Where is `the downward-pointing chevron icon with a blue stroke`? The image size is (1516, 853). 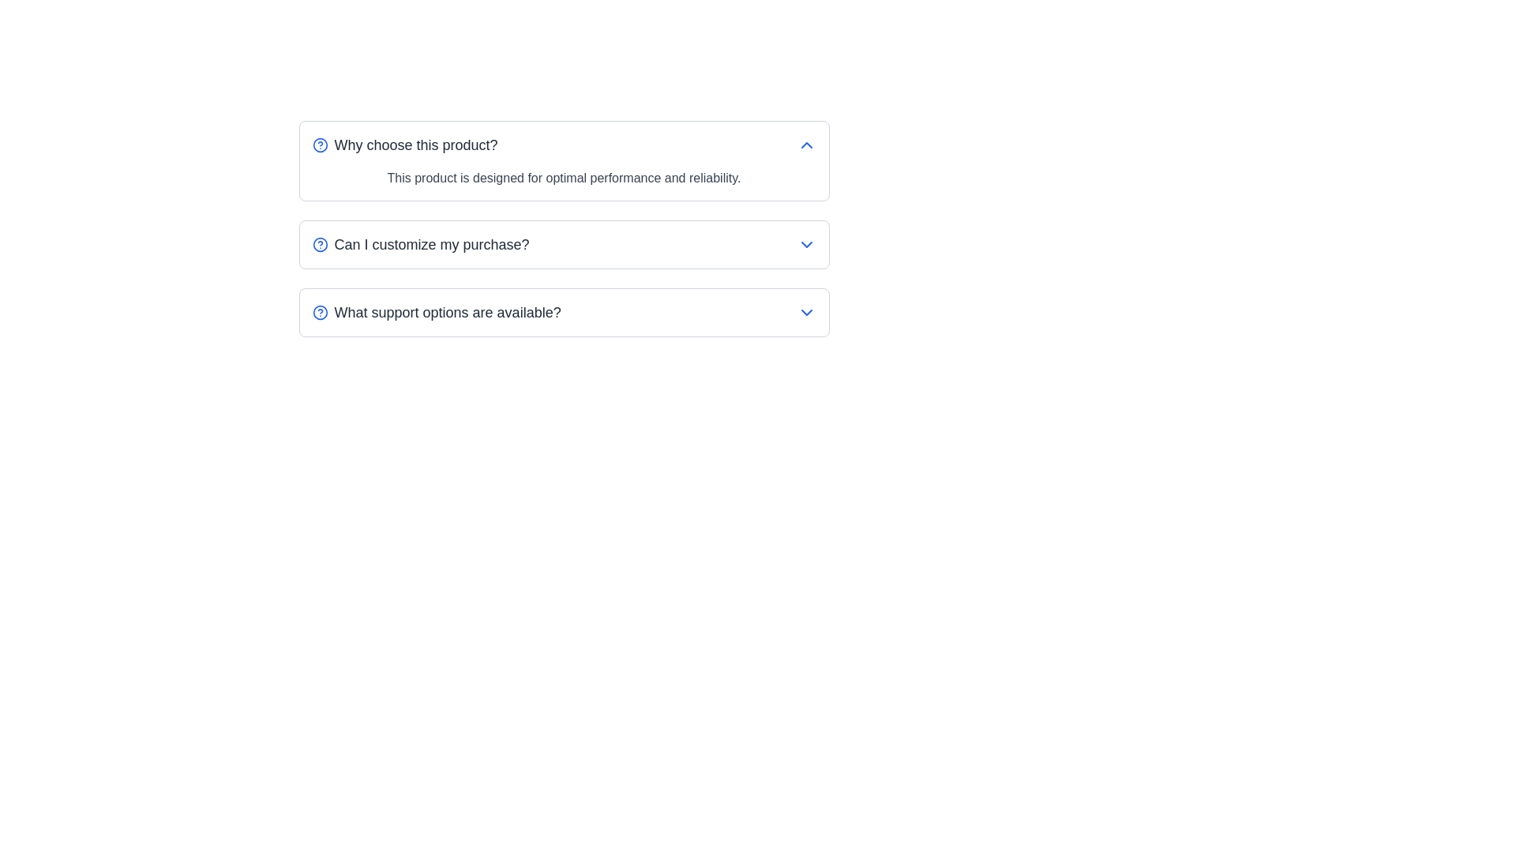
the downward-pointing chevron icon with a blue stroke is located at coordinates (806, 244).